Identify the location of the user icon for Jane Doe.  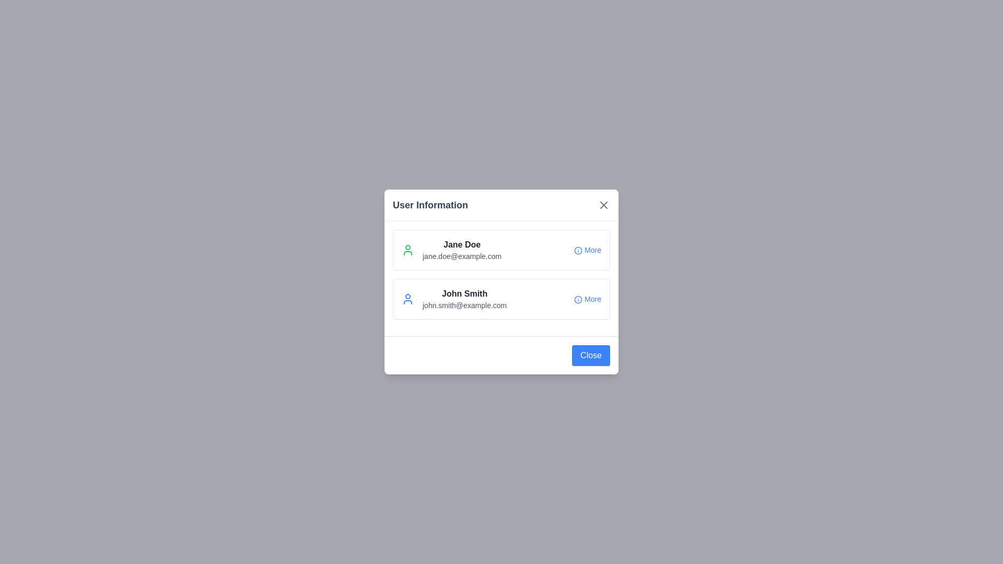
(407, 250).